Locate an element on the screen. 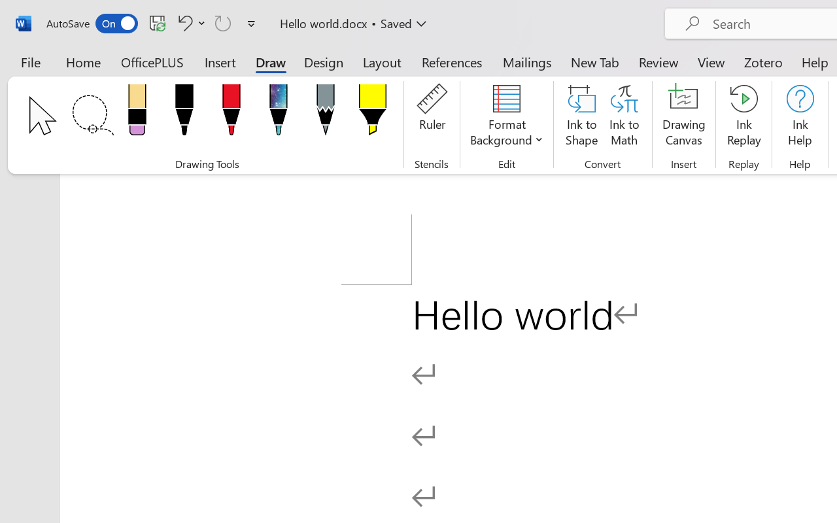  'Customize Quick Access Toolbar' is located at coordinates (251, 23).